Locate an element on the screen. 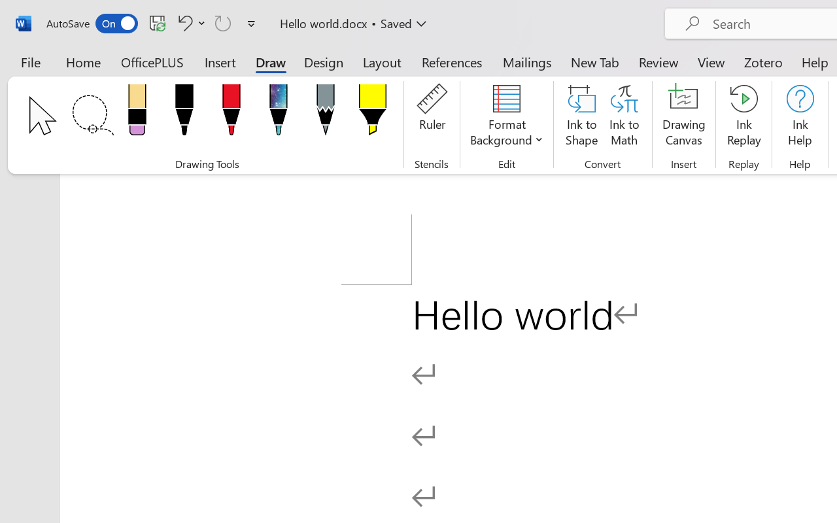  'Customize Quick Access Toolbar' is located at coordinates (251, 23).